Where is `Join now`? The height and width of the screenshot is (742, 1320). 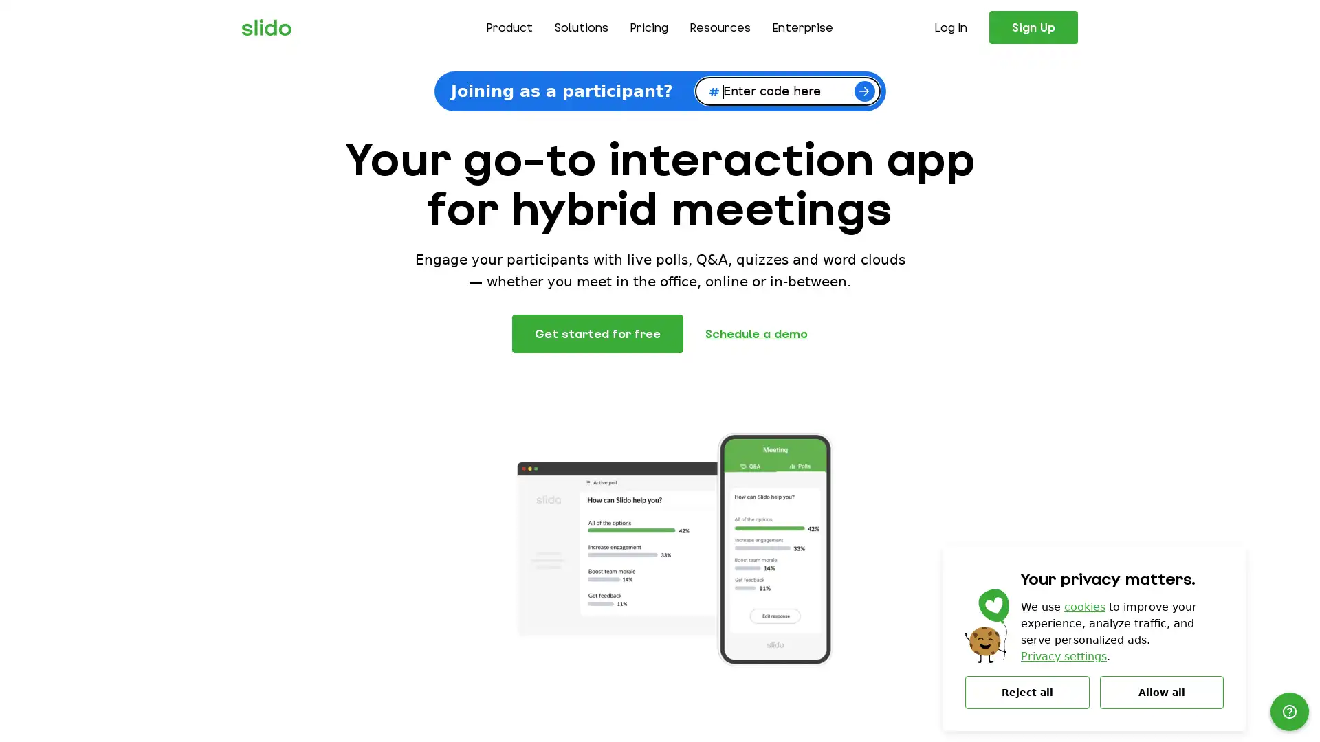
Join now is located at coordinates (863, 91).